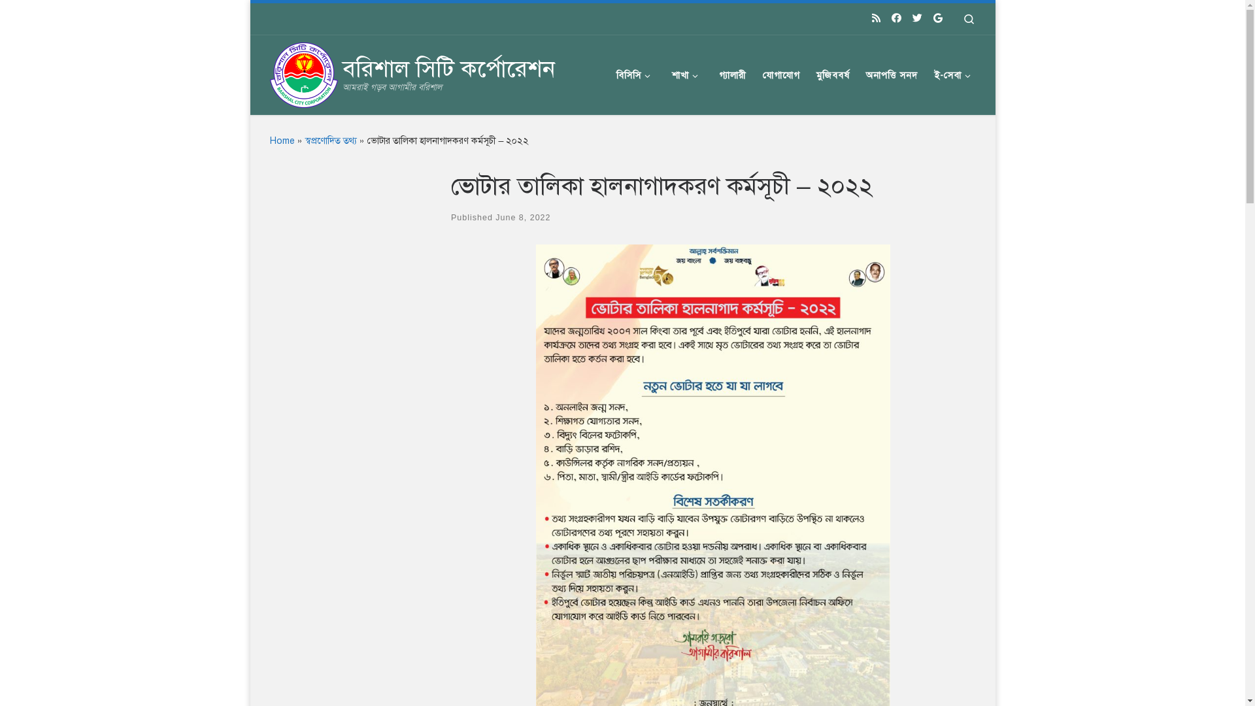  I want to click on 'Subscribe to my rss feed', so click(872, 18).